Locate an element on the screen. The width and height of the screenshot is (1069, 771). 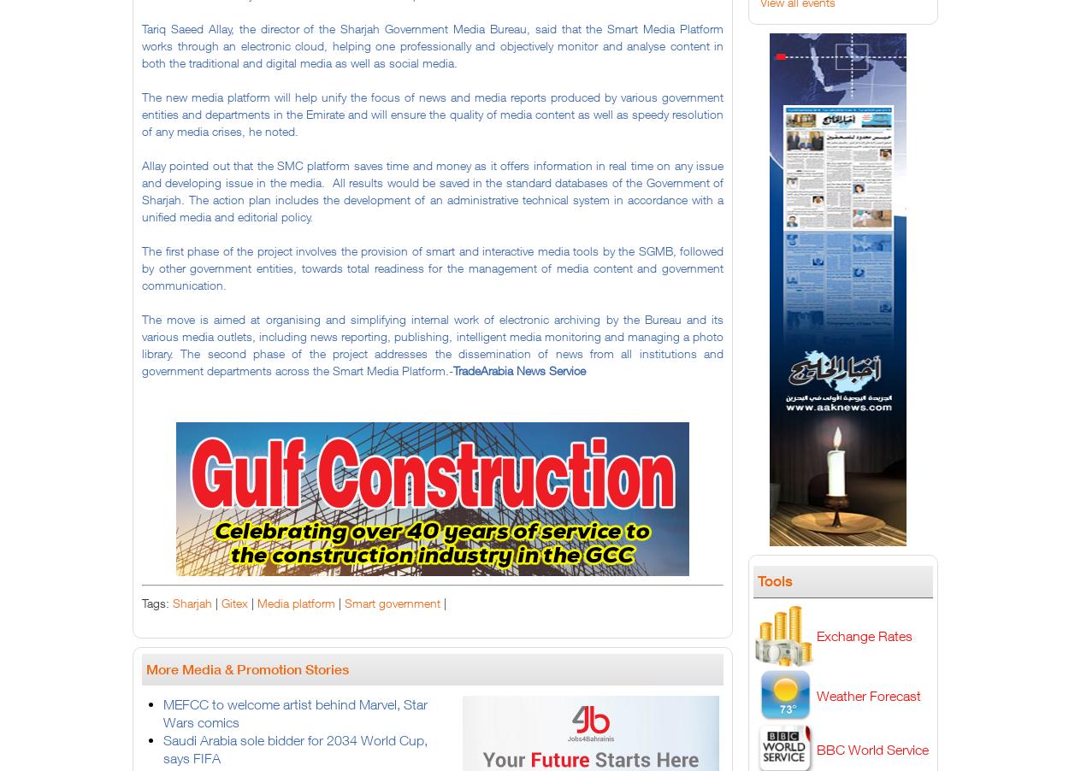
'Tools' is located at coordinates (758, 581).